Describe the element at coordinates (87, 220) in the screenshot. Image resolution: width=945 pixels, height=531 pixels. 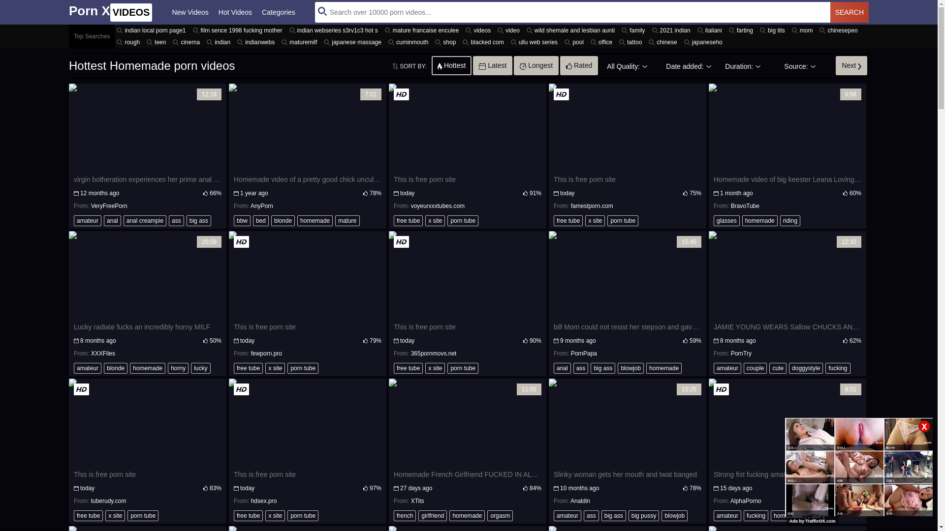
I see `'amateur'` at that location.